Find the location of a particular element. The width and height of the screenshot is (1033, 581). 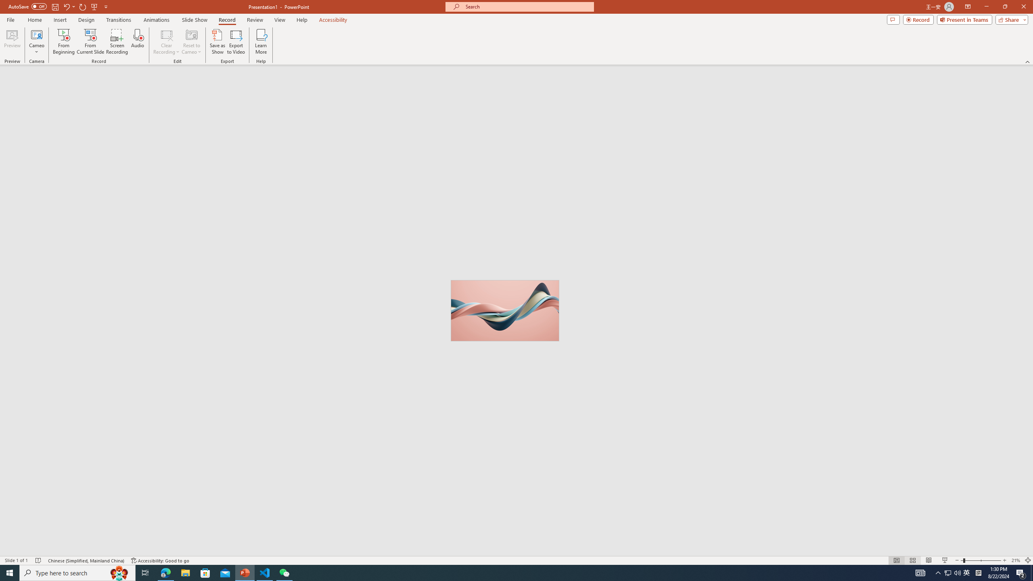

'Export to Video' is located at coordinates (235, 42).